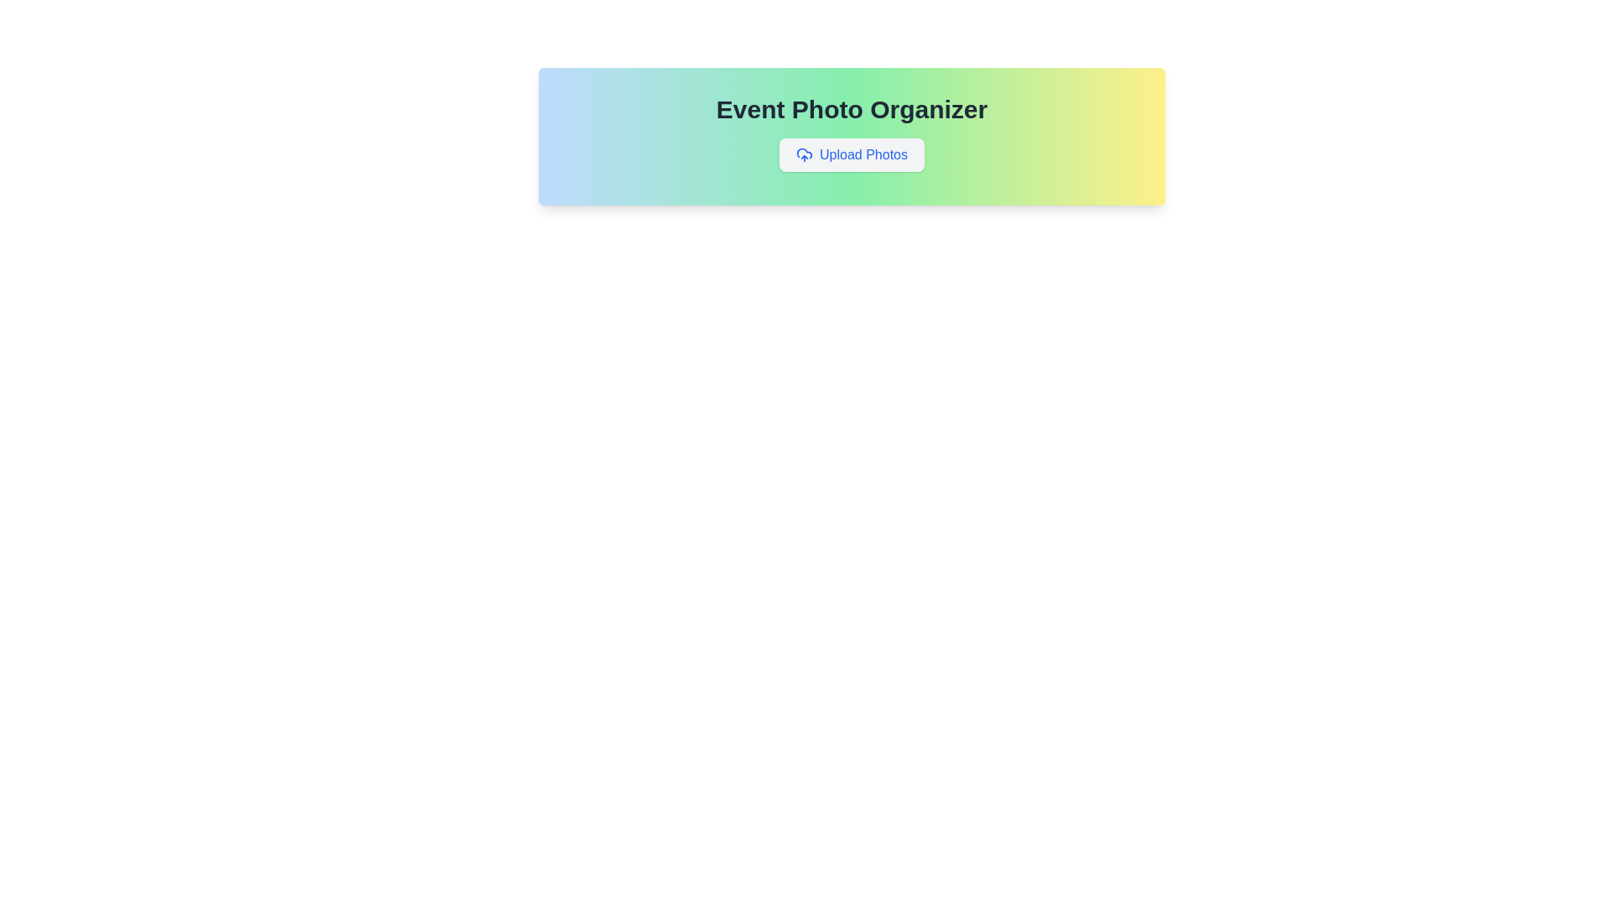 This screenshot has height=906, width=1611. I want to click on the 'Upload Photos' button located beneath the title 'Event Photo Organizer' in the central region of the fixed panel, so click(852, 135).